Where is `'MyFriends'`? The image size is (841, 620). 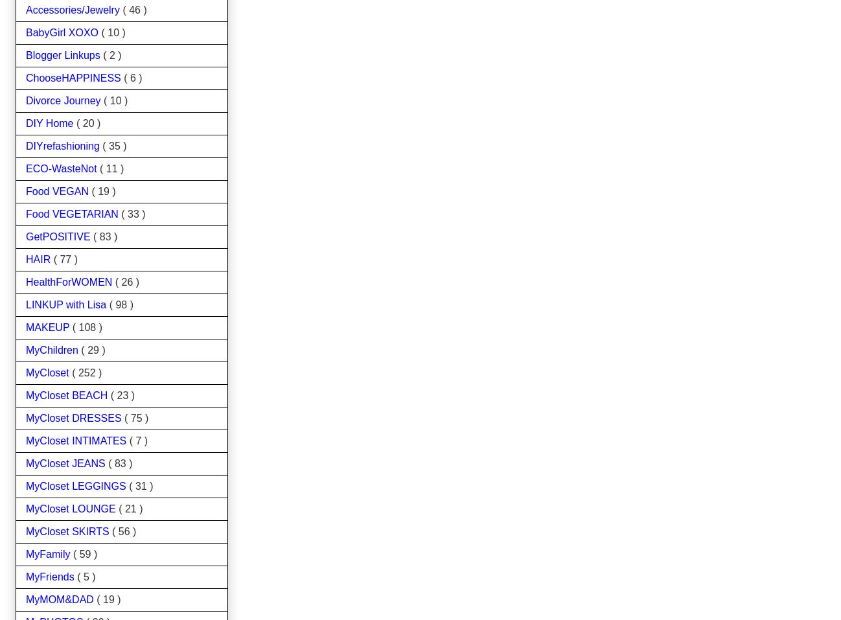 'MyFriends' is located at coordinates (25, 576).